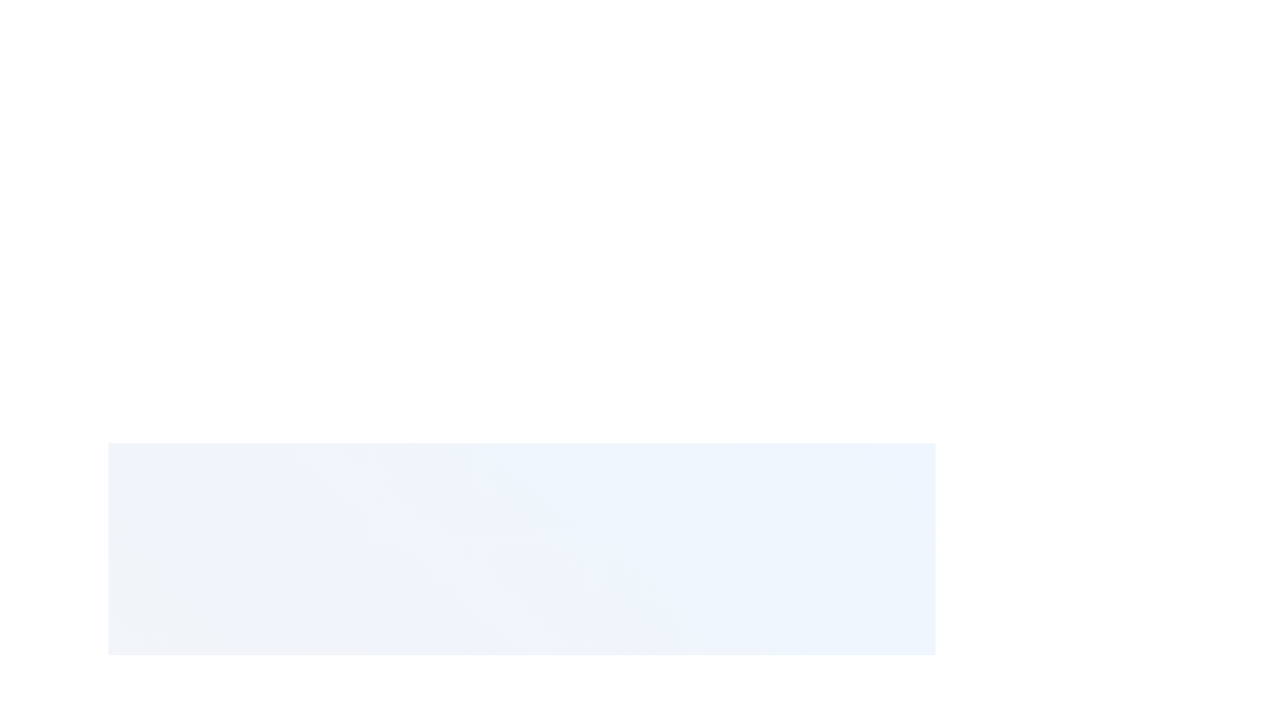 The height and width of the screenshot is (722, 1284). What do you see at coordinates (589, 688) in the screenshot?
I see `chevron button to toggle the menu open/close state` at bounding box center [589, 688].